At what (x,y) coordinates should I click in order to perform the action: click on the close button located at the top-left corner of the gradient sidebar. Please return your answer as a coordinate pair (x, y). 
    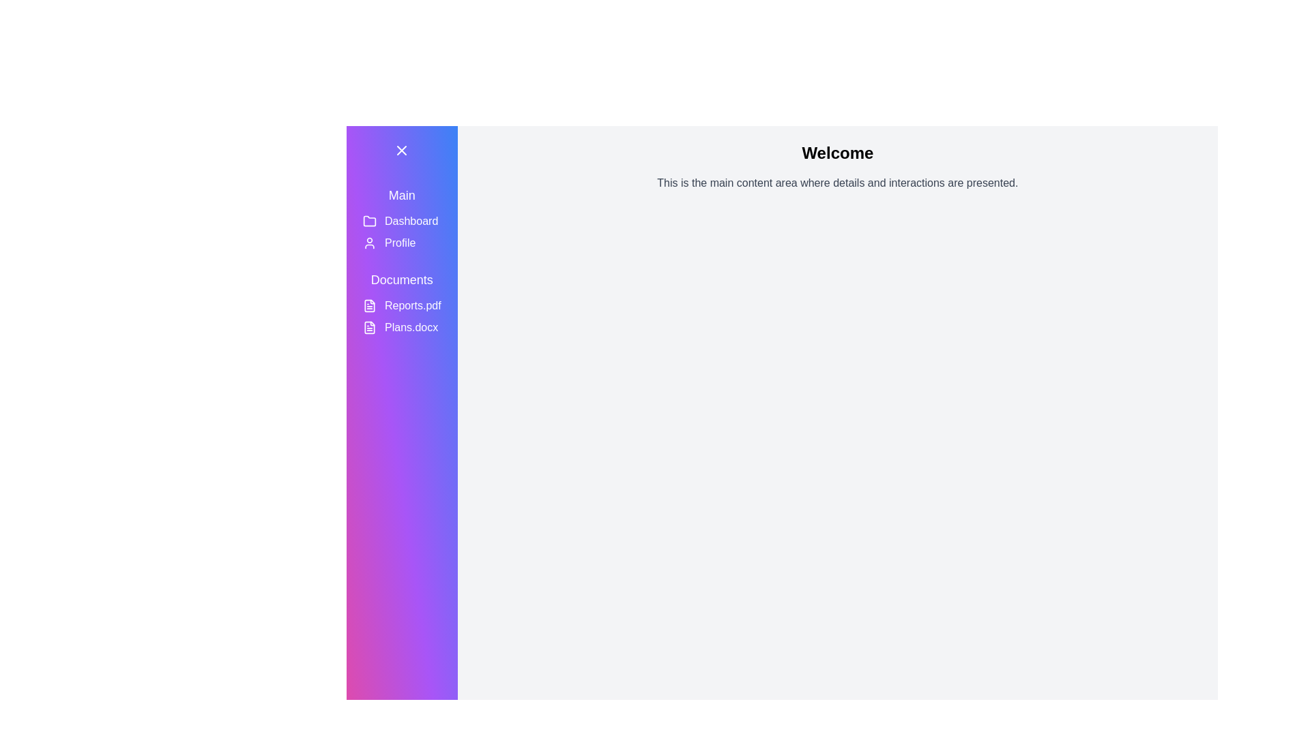
    Looking at the image, I should click on (401, 150).